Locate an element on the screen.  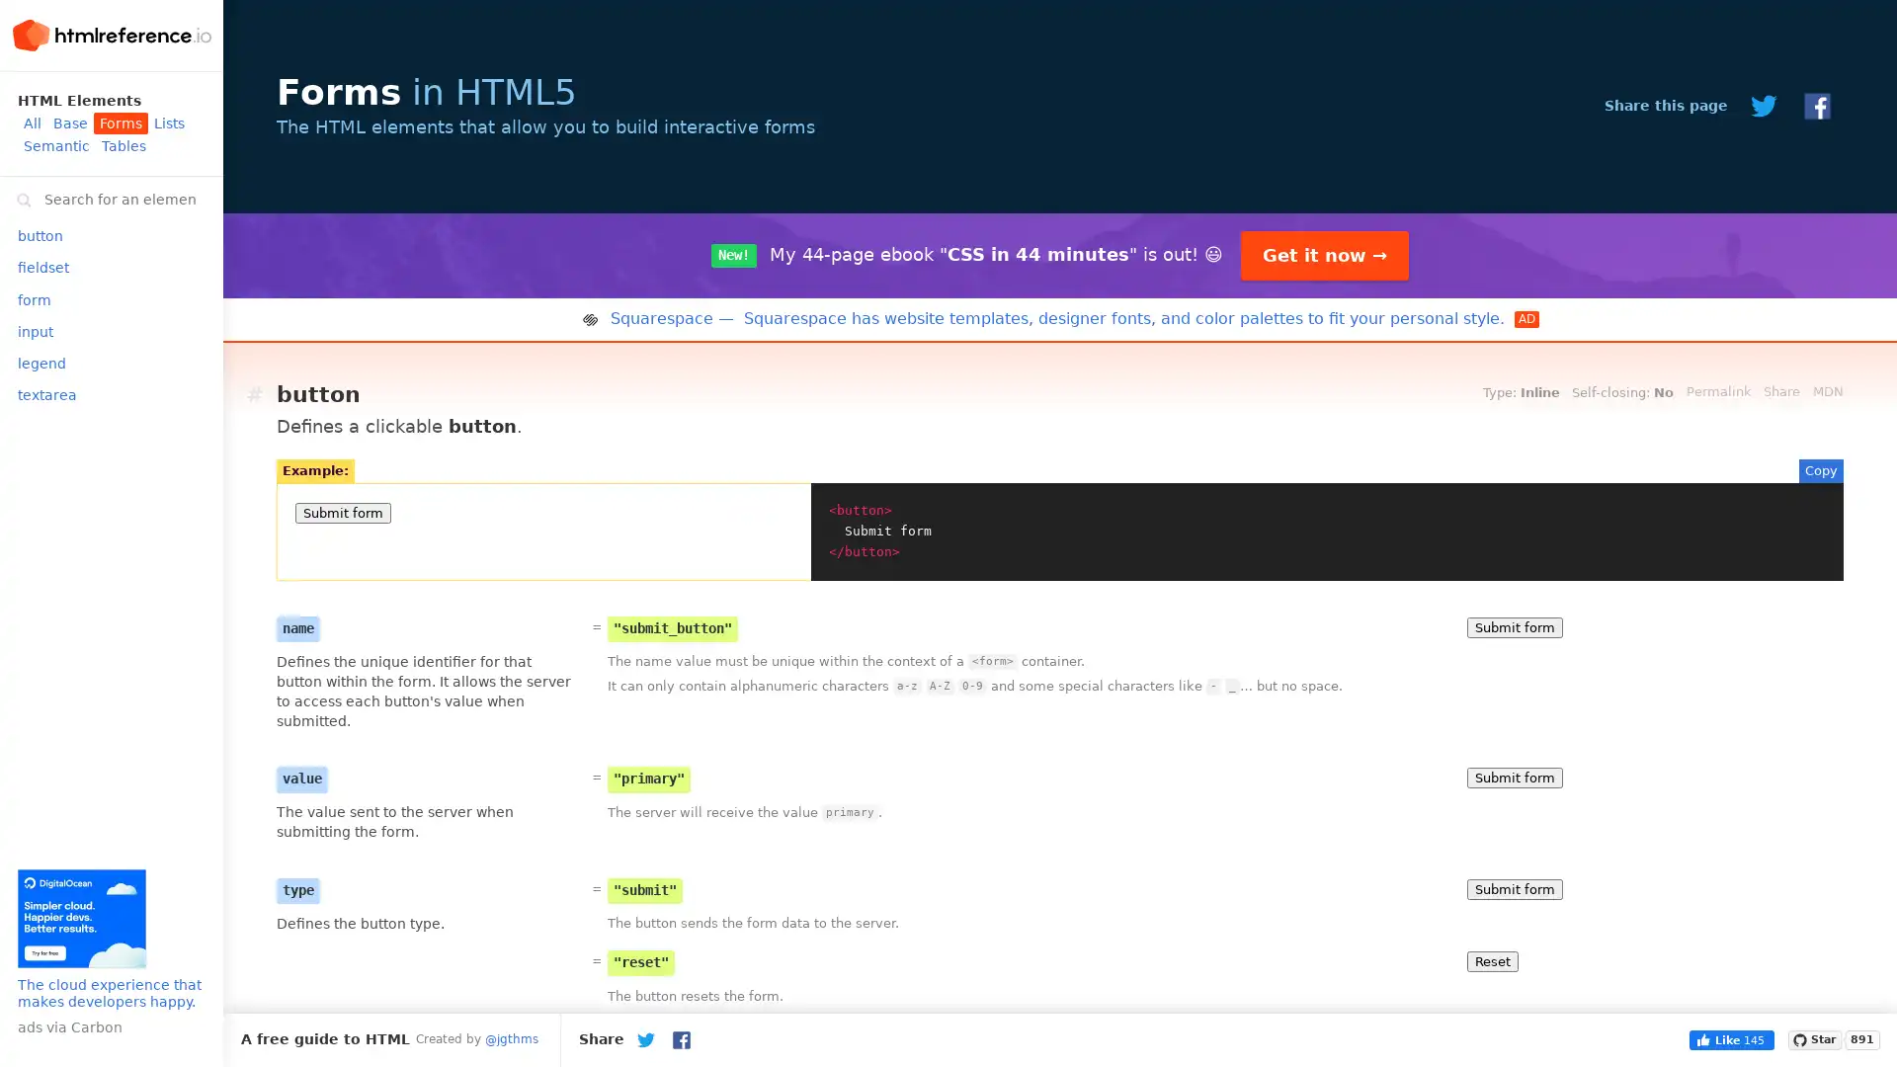
Submit form is located at coordinates (1514, 1050).